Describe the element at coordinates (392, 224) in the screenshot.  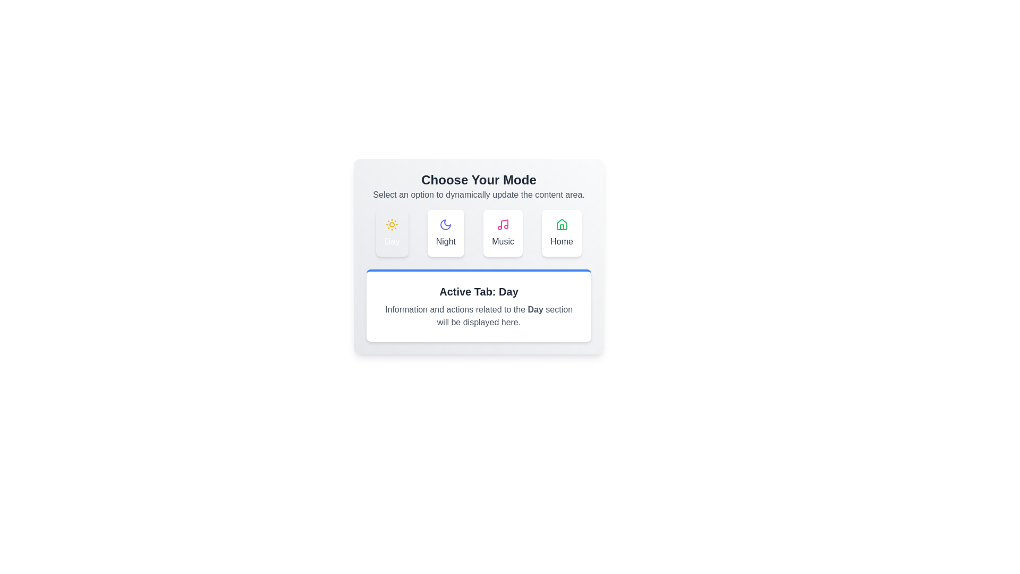
I see `the sun icon, which is an SVG graphic representing the 'Day' mode` at that location.